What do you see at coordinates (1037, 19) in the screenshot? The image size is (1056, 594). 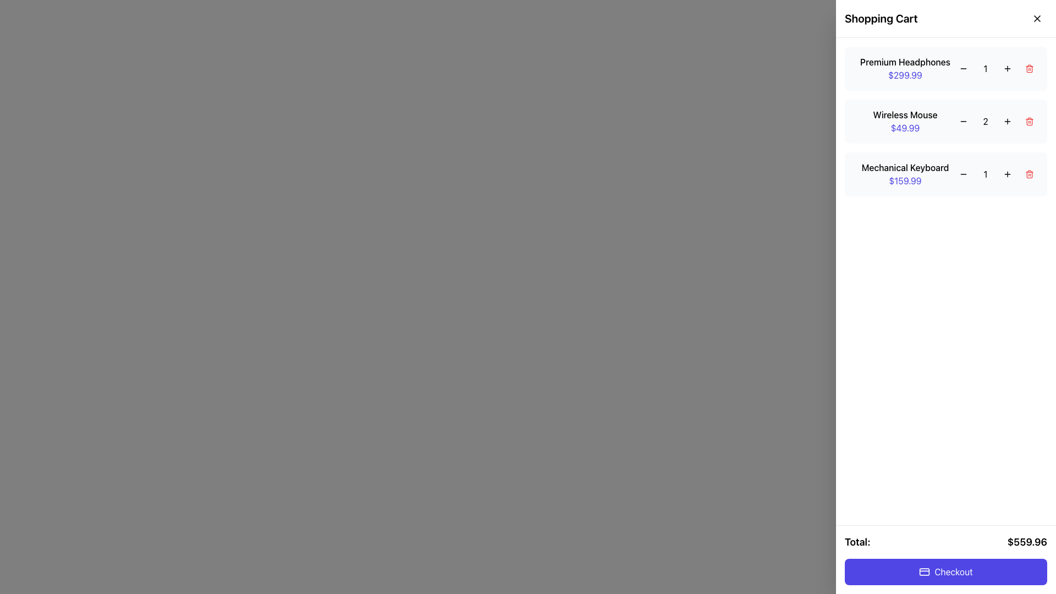 I see `the close button with an icon located at the top-right of the 'Shopping Cart' interface` at bounding box center [1037, 19].